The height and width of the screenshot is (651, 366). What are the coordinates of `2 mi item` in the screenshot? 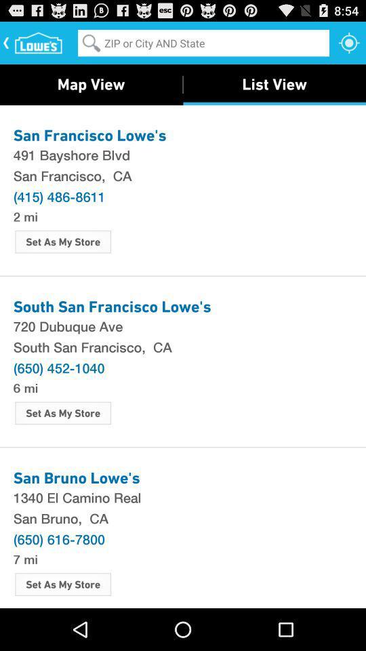 It's located at (25, 216).